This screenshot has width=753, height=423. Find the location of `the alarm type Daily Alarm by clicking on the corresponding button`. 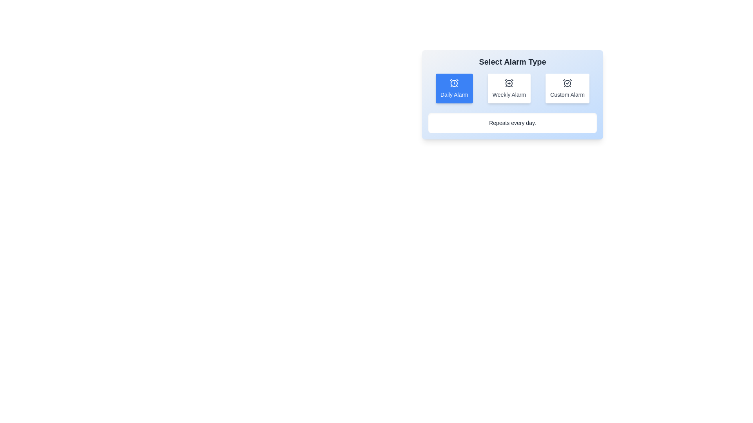

the alarm type Daily Alarm by clicking on the corresponding button is located at coordinates (454, 88).